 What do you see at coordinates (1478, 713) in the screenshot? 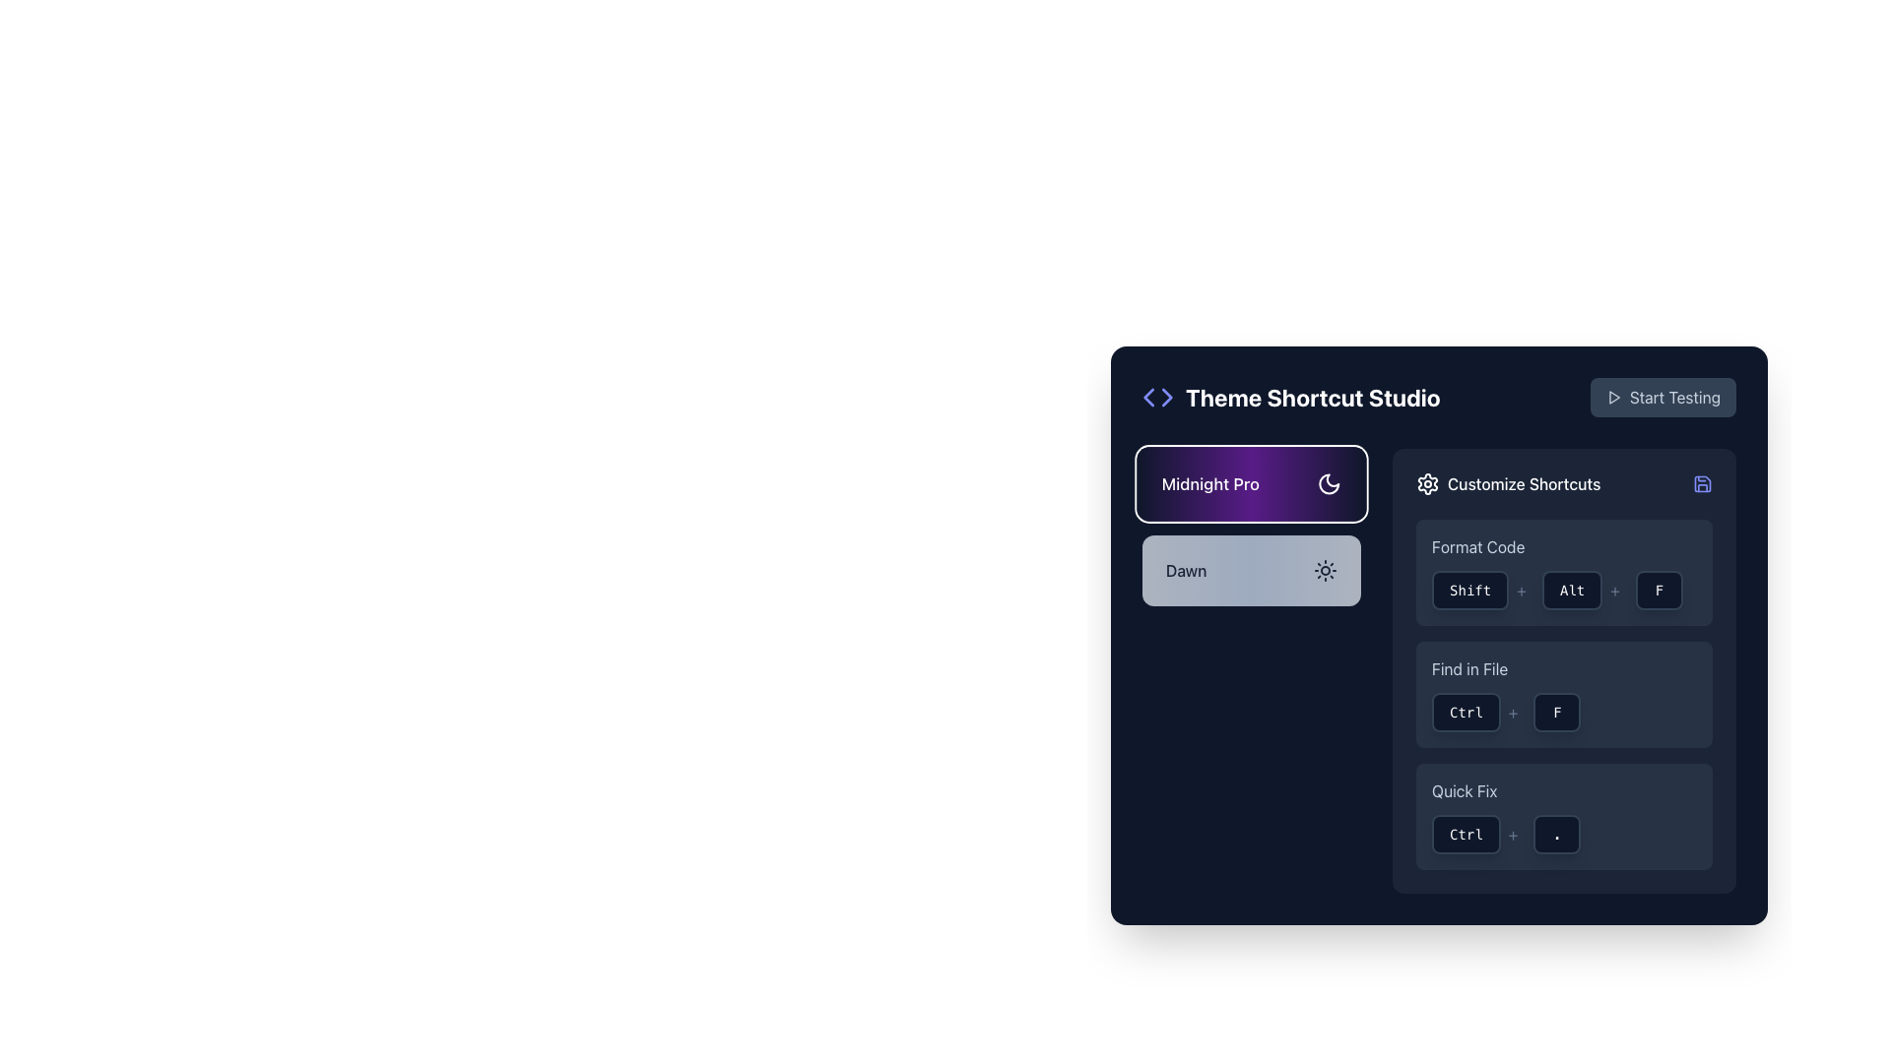
I see `the 'Ctrl' key in the 'Find in File' shortcut representation located in the 'Customize Shortcuts' section, which is the first key in the sequence 'Ctrl + F'` at bounding box center [1478, 713].